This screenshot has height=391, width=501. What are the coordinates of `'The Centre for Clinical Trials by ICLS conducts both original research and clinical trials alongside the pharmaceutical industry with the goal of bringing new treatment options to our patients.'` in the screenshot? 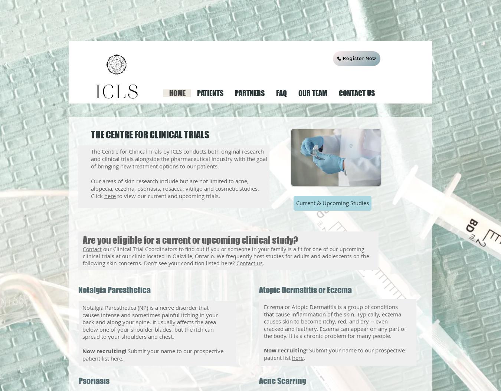 It's located at (179, 159).